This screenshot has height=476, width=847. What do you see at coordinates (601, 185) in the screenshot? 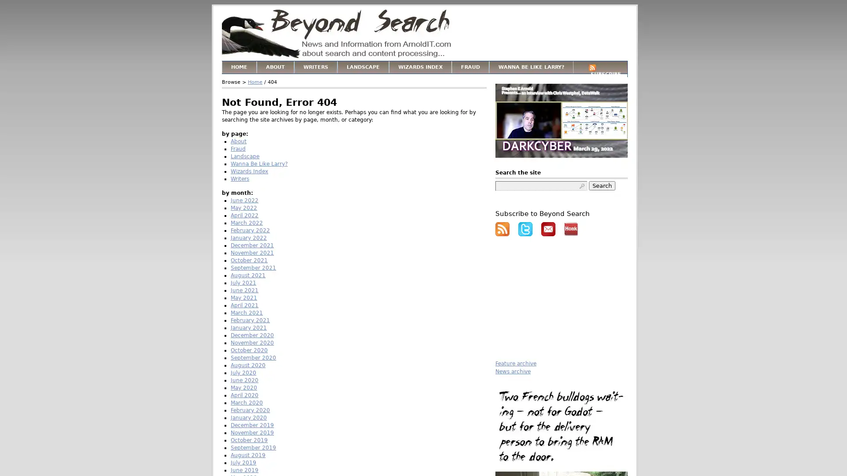
I see `Search` at bounding box center [601, 185].